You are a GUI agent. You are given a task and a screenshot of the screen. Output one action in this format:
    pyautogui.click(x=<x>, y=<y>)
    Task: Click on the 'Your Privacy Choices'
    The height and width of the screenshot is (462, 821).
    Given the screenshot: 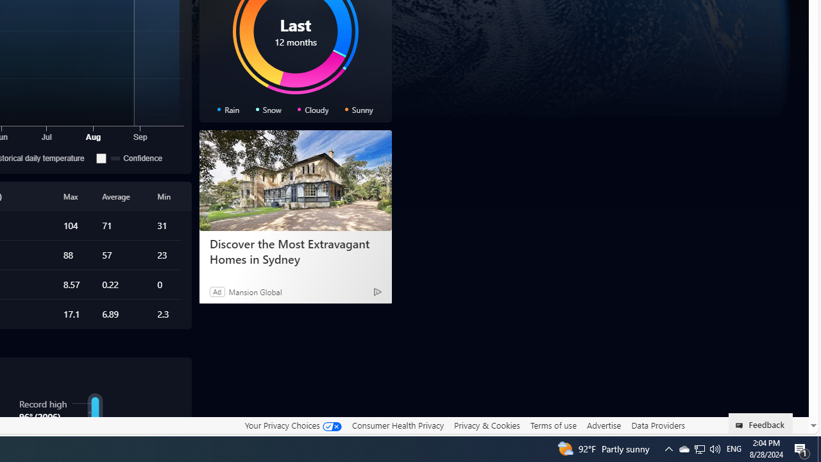 What is the action you would take?
    pyautogui.click(x=292, y=425)
    